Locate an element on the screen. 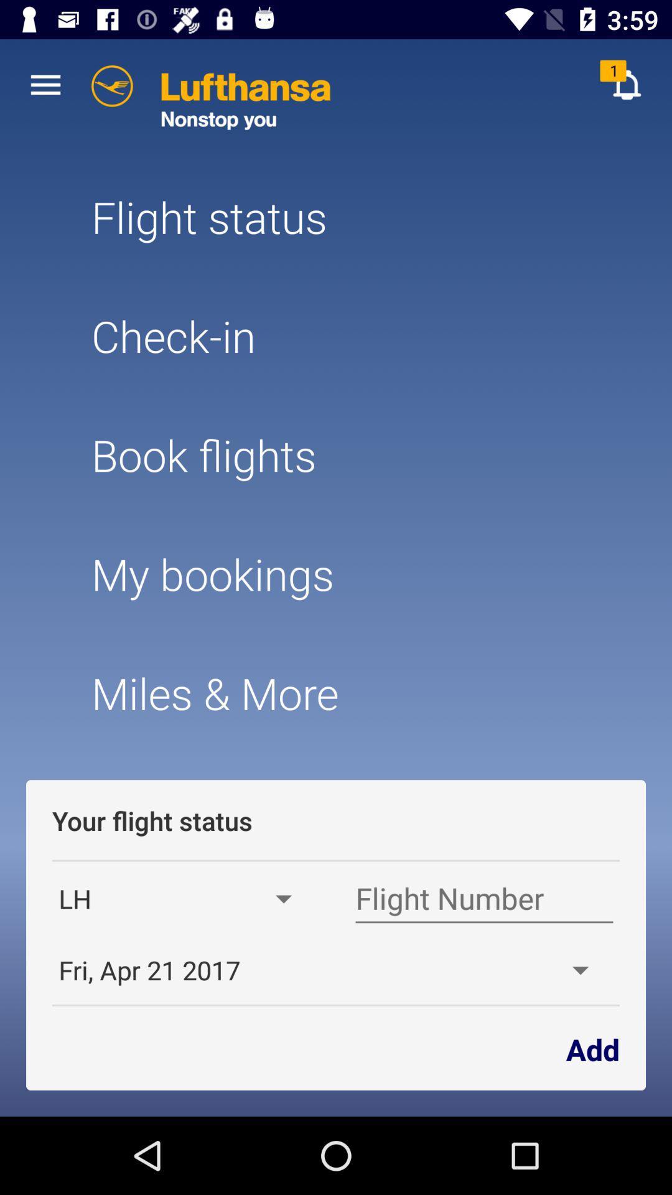 The image size is (672, 1195). item above the flight status item is located at coordinates (45, 84).